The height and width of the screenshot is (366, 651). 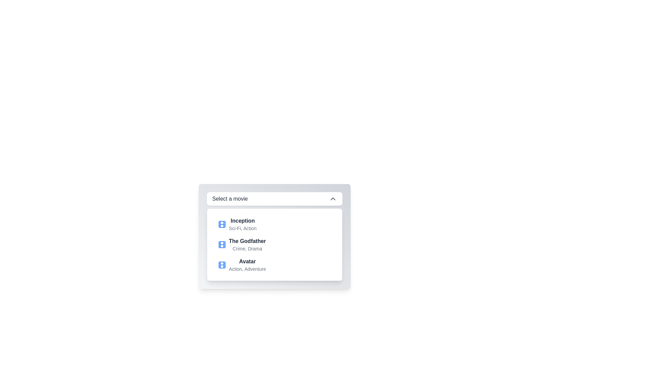 I want to click on the list item representing the movie 'The Godfather' to navigate further options, so click(x=242, y=244).